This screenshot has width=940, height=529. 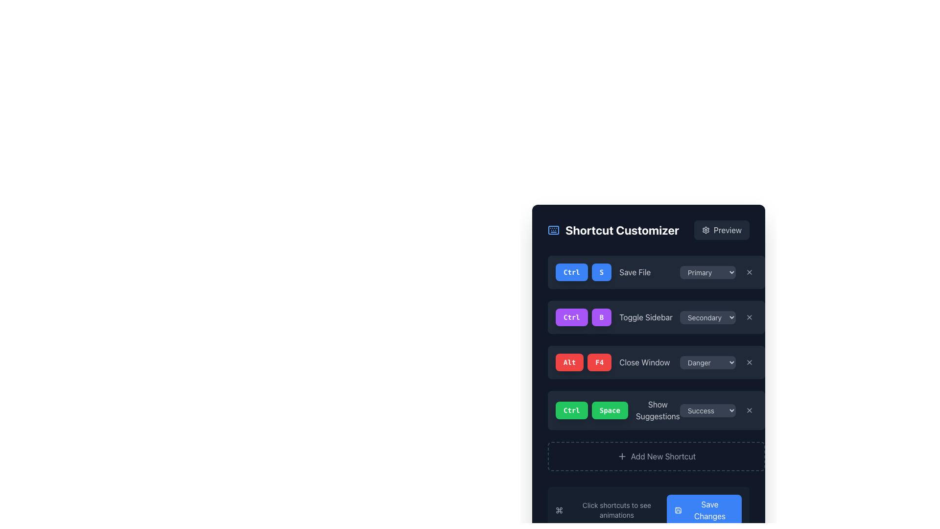 What do you see at coordinates (749, 410) in the screenshot?
I see `the 'X' icon button that removes or closes the associated row in the Shortcut Customizer panel, located next to the dropdown button` at bounding box center [749, 410].